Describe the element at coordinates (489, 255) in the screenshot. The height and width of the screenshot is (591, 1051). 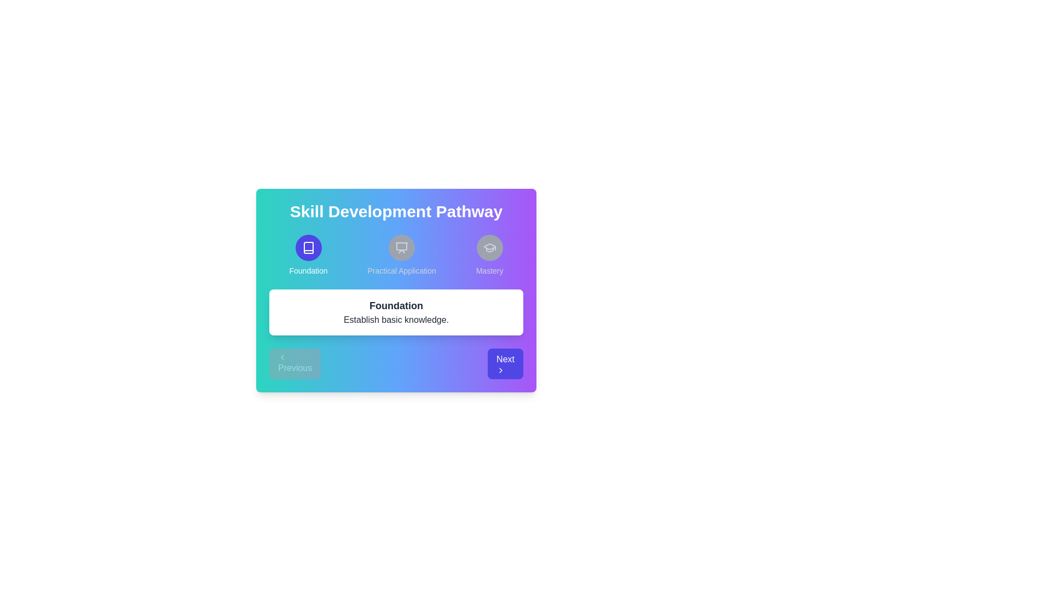
I see `the phase indicator for Mastery to jump to that phase` at that location.